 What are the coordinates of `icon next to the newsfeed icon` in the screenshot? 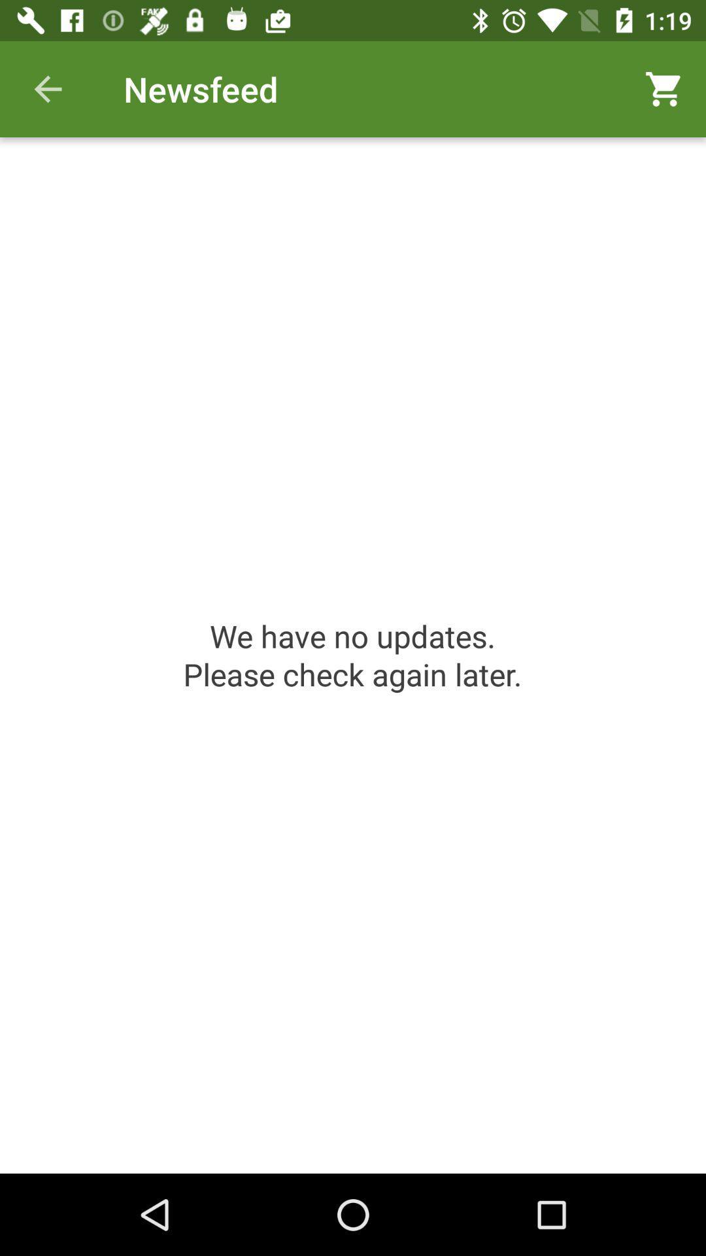 It's located at (47, 88).